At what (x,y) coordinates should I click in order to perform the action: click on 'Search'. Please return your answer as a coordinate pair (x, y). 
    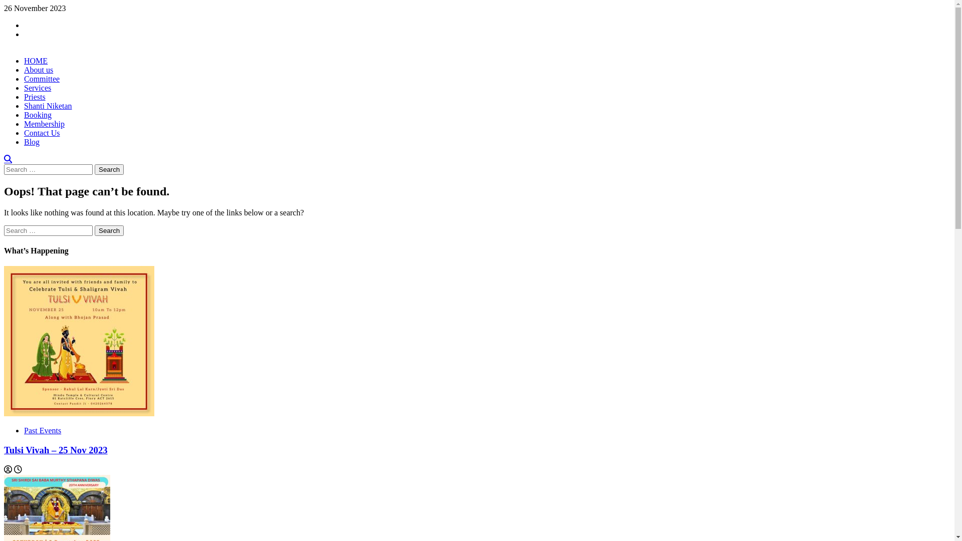
    Looking at the image, I should click on (109, 169).